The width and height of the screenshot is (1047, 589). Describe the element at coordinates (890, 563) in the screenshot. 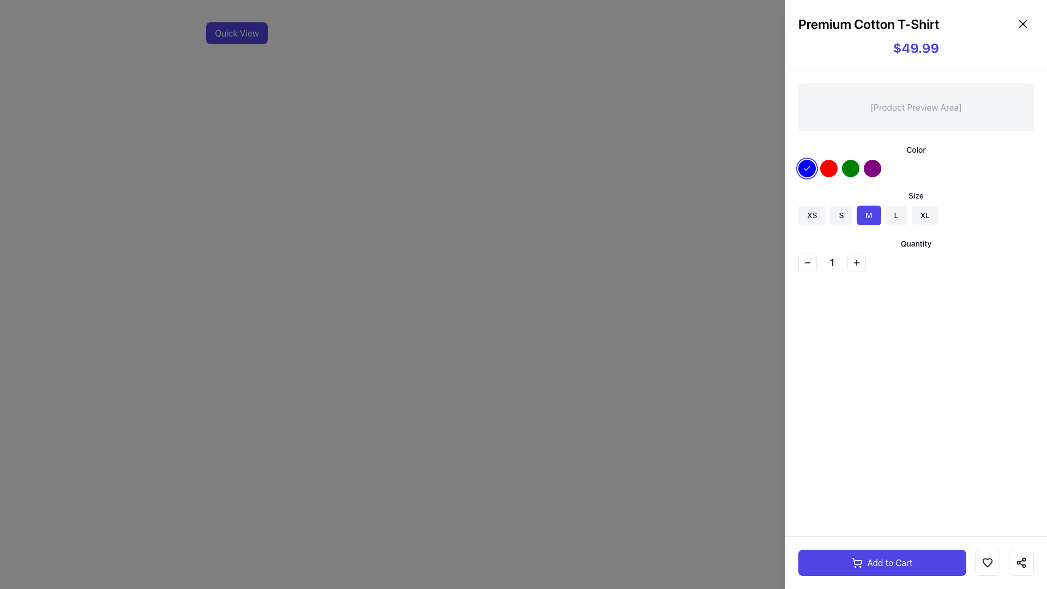

I see `the 'Add to Cart' text label displayed on a blue button` at that location.